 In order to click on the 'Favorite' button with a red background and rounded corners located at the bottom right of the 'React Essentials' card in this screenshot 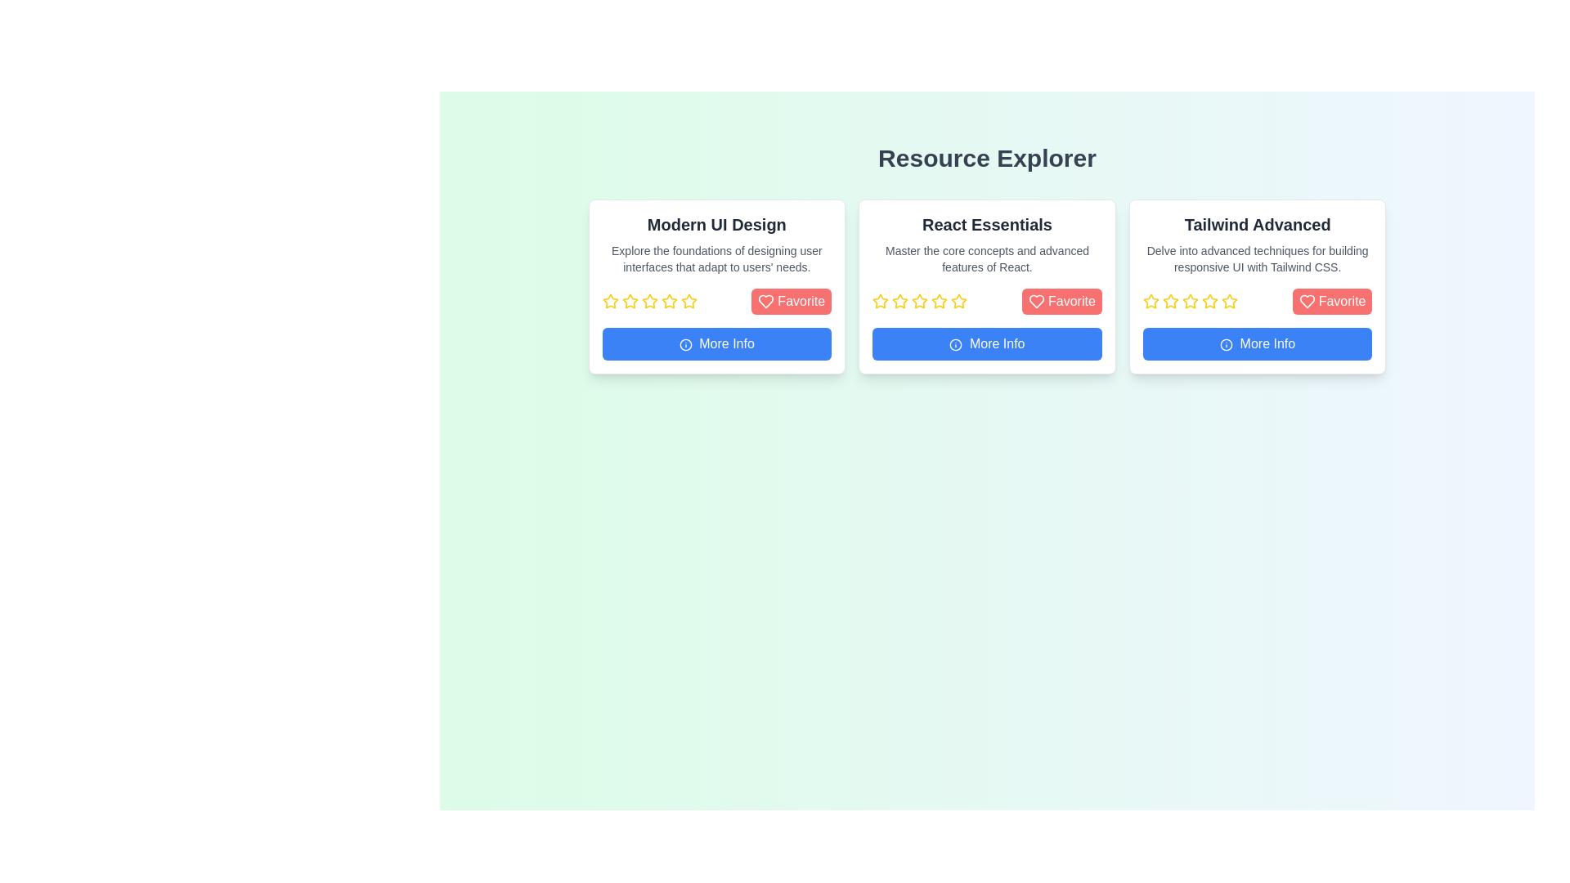, I will do `click(1061, 302)`.